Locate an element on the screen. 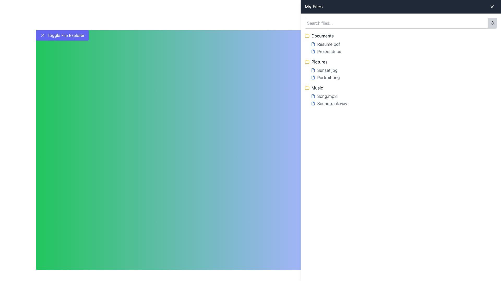 This screenshot has width=501, height=281. the 'Song.mp3' file in the Music folder is located at coordinates (401, 100).